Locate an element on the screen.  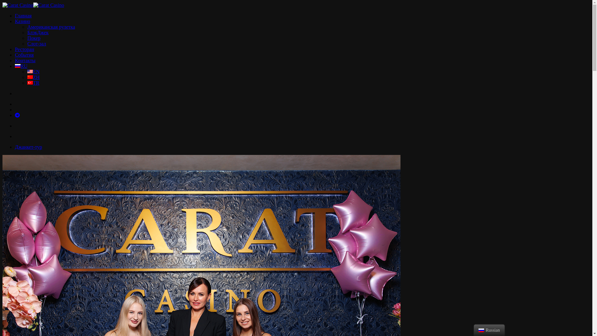
'TR' is located at coordinates (33, 82).